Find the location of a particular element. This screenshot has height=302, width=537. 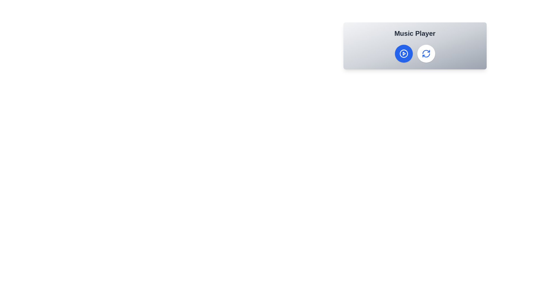

the circular outline icon of the play button located beneath the 'Music Player' label is located at coordinates (404, 54).